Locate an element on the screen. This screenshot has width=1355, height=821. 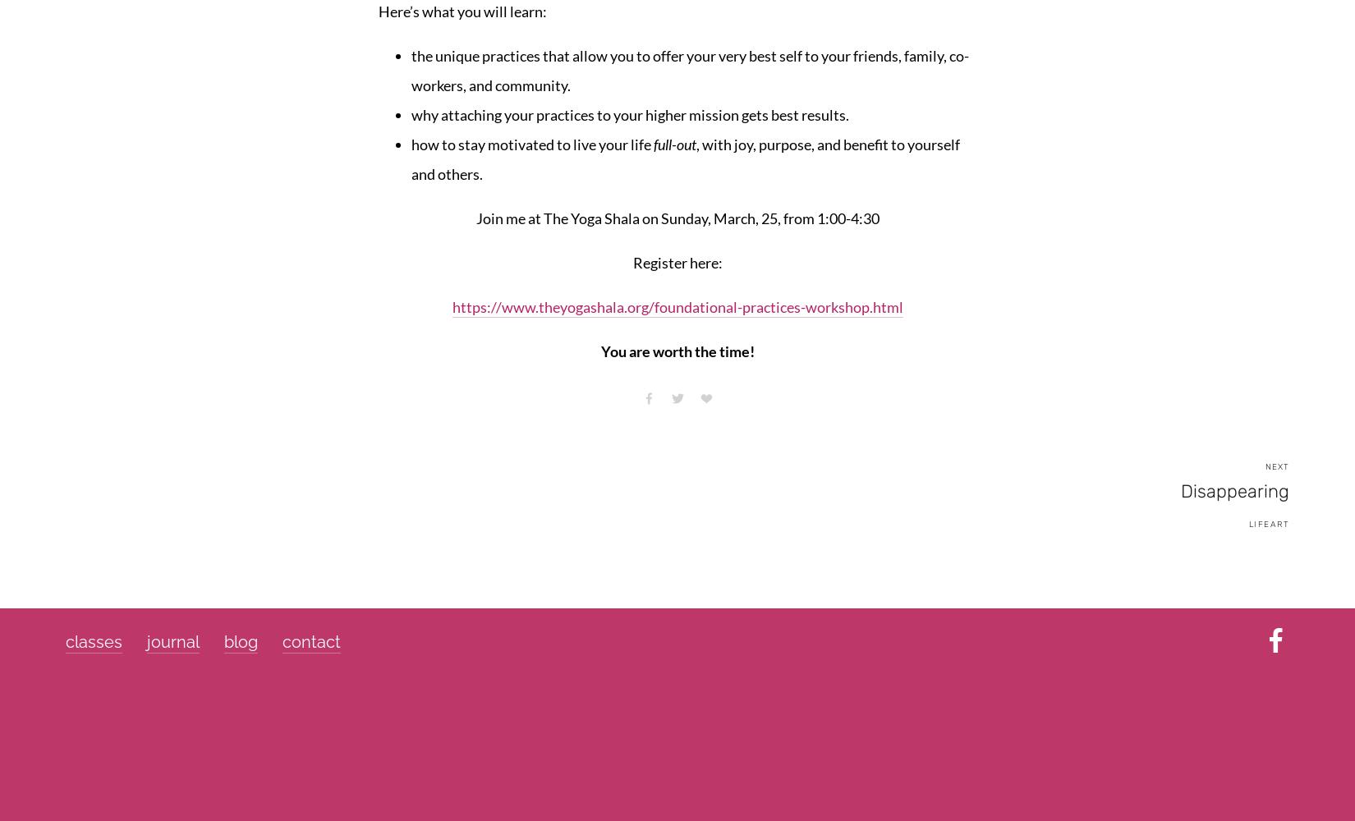
'blog' is located at coordinates (241, 642).